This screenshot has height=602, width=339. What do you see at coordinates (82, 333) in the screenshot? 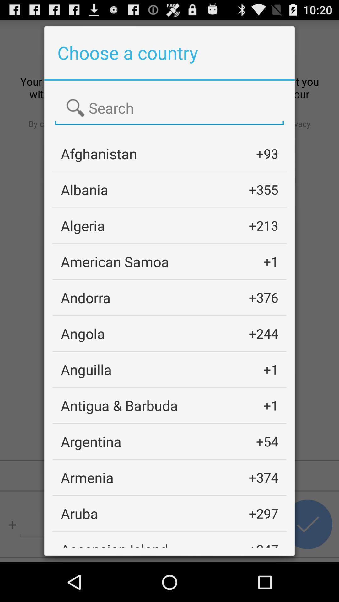
I see `the angola item` at bounding box center [82, 333].